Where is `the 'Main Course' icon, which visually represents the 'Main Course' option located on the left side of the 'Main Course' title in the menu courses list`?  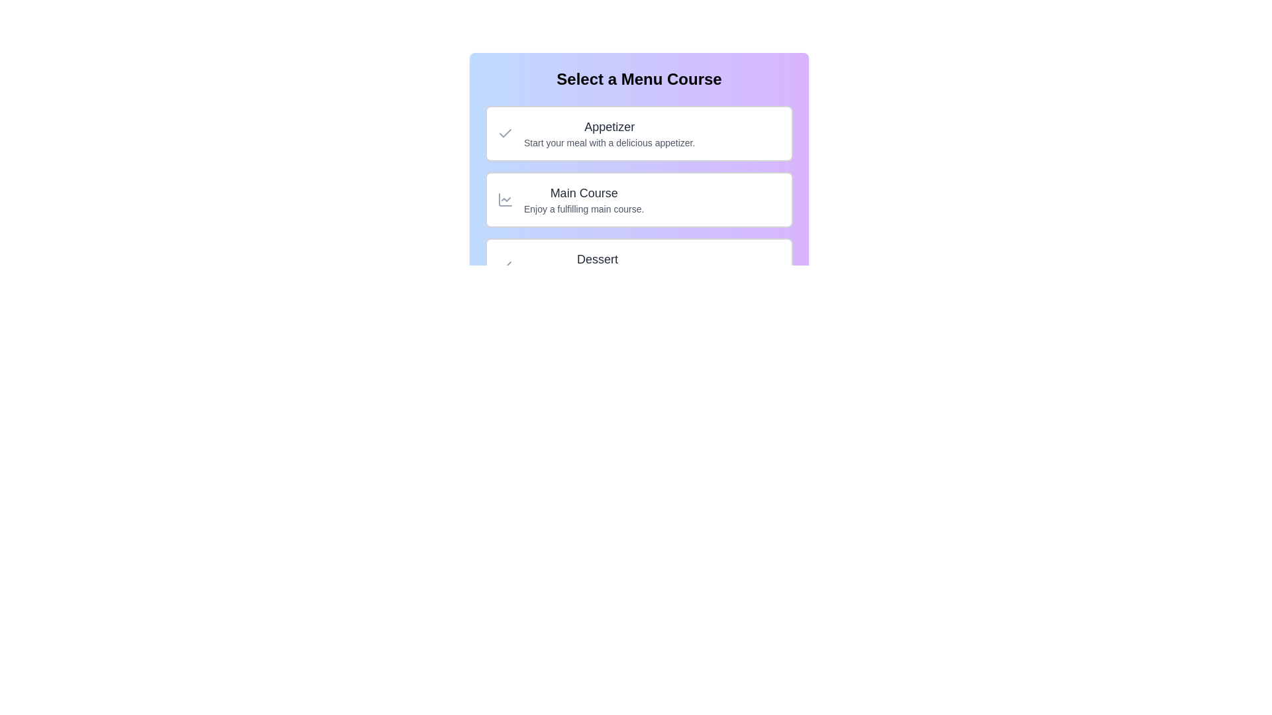
the 'Main Course' icon, which visually represents the 'Main Course' option located on the left side of the 'Main Course' title in the menu courses list is located at coordinates (505, 199).